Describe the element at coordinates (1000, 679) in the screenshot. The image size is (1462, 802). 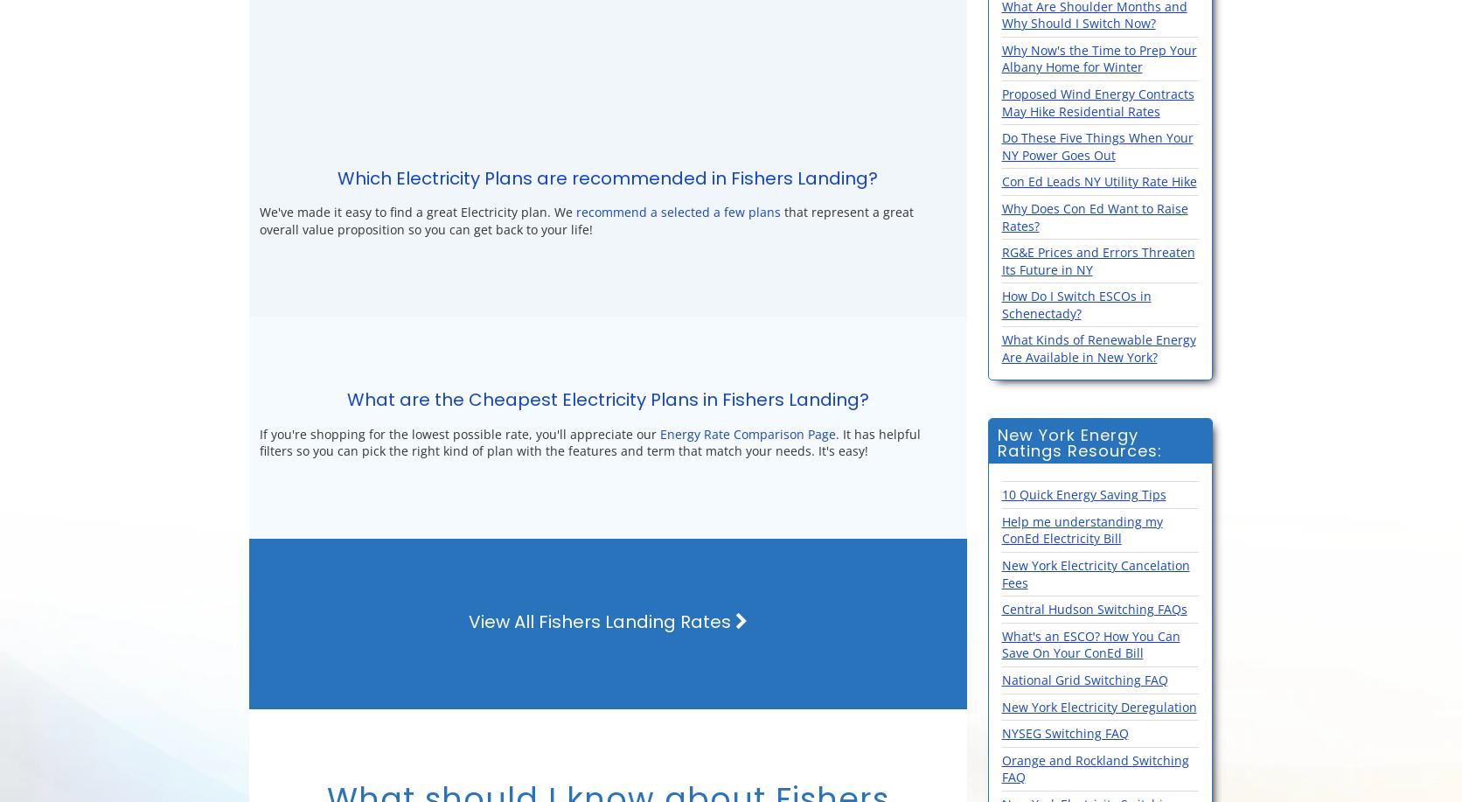
I see `'National Grid Switching FAQ'` at that location.